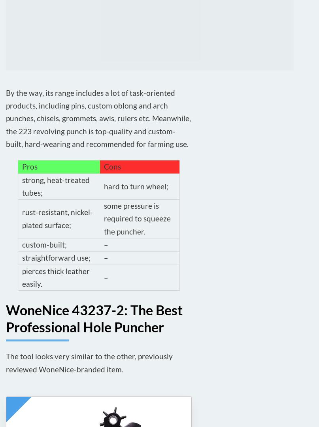 The width and height of the screenshot is (319, 427). I want to click on 'By the way, its range includes a lot of task-oriented products, including pins, custom oblong and arch punches, chisels, grommets, awls, rulers etc. Meanwhile, the 223 revolving punch is top-quality and custom-built, hard-wearing and recommended for farming use.', so click(98, 118).